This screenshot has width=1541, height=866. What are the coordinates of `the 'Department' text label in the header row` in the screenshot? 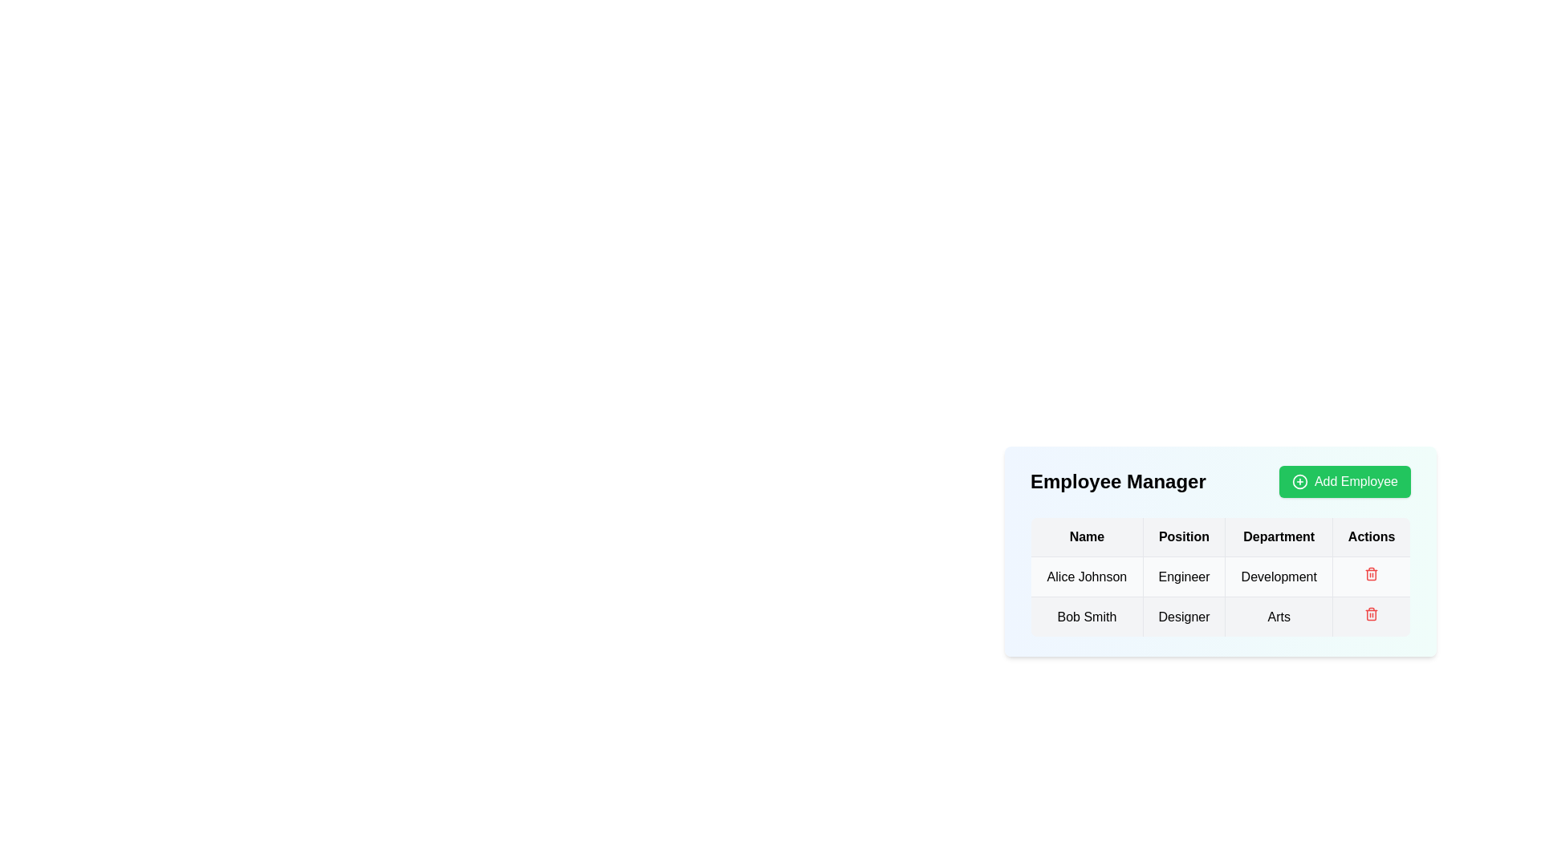 It's located at (1278, 537).